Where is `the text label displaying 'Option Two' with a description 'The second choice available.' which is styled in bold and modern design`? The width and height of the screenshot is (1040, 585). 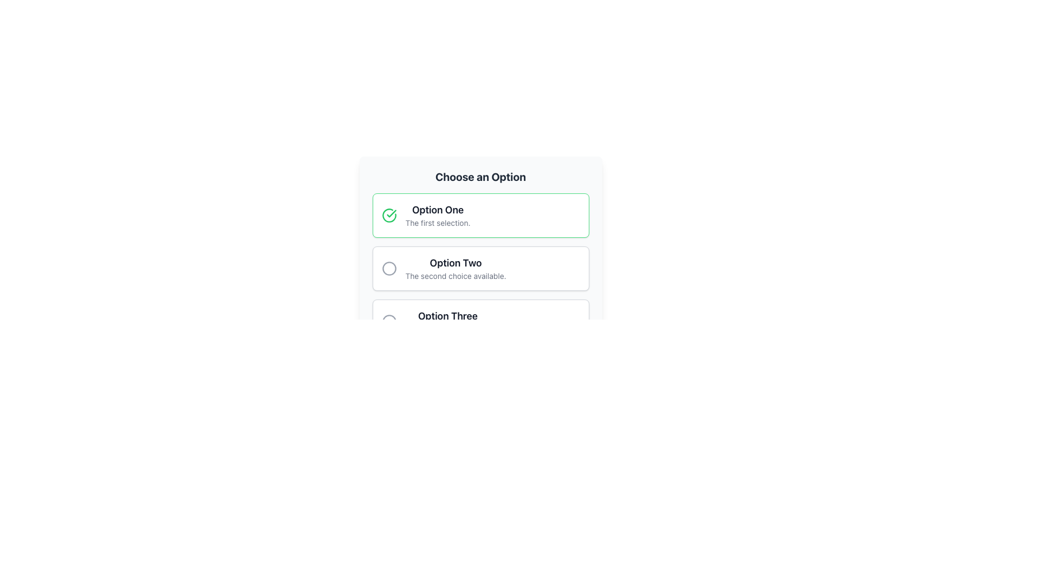
the text label displaying 'Option Two' with a description 'The second choice available.' which is styled in bold and modern design is located at coordinates (456, 268).